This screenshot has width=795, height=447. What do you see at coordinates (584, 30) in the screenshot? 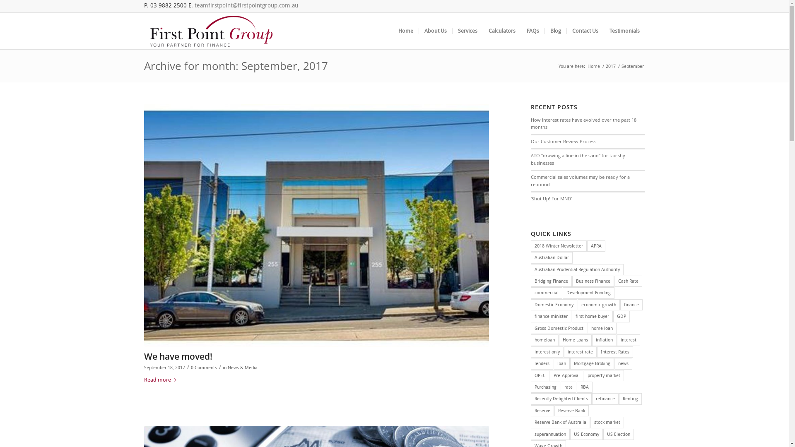
I see `'Contact Us'` at bounding box center [584, 30].